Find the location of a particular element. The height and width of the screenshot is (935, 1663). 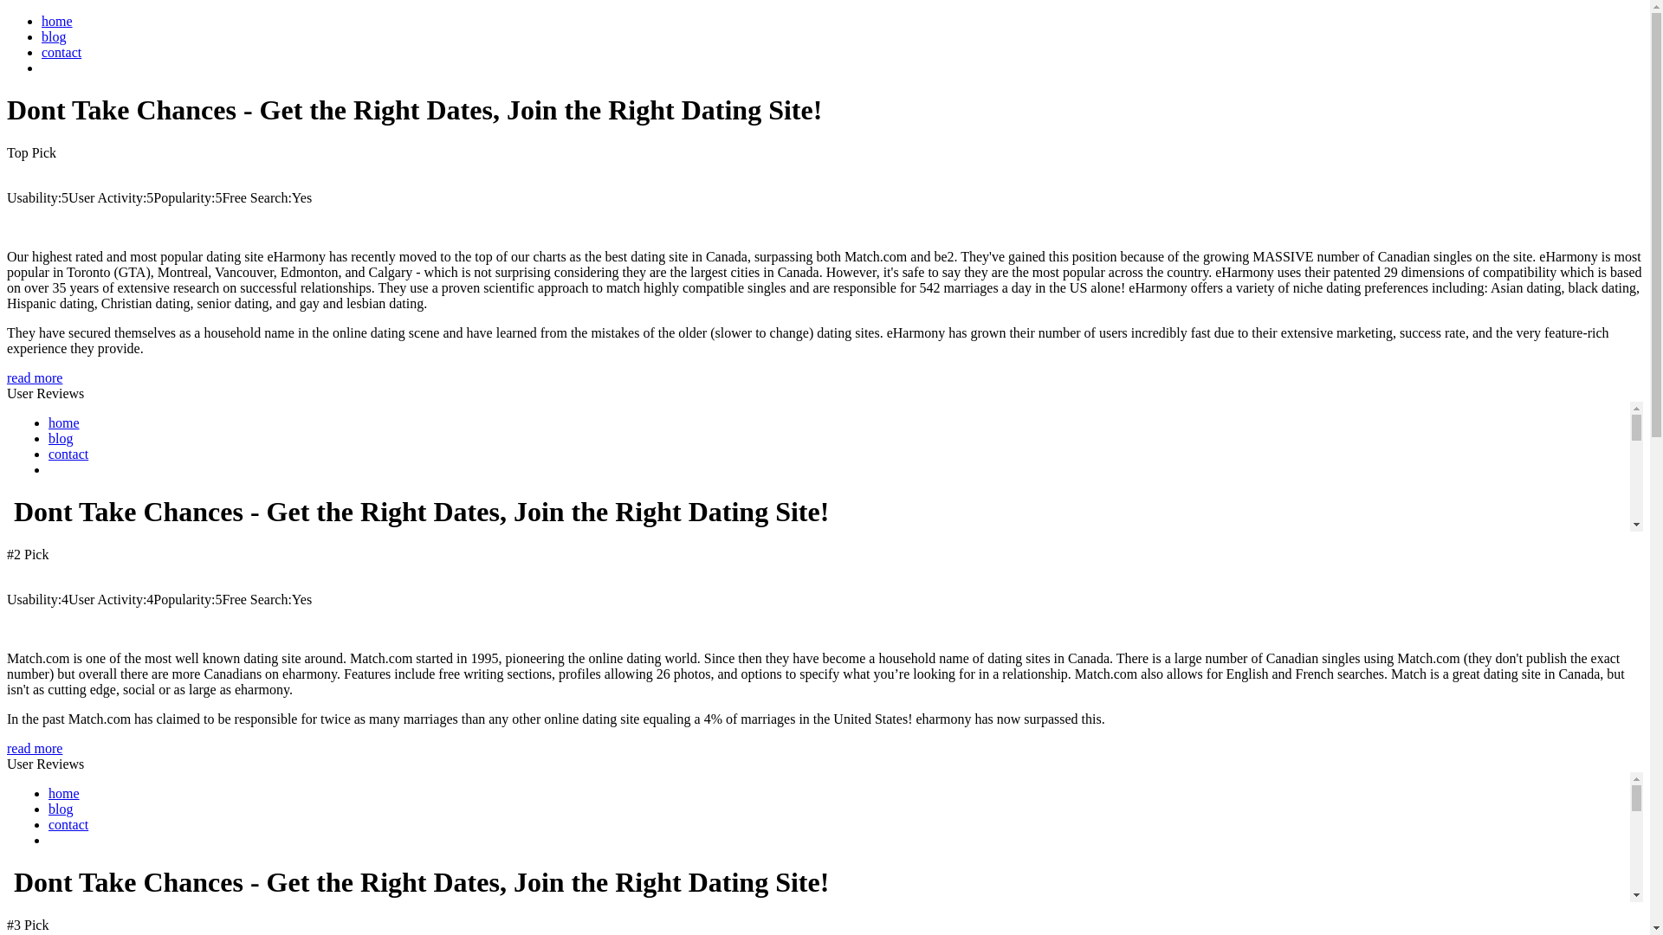

'contact' is located at coordinates (61, 51).